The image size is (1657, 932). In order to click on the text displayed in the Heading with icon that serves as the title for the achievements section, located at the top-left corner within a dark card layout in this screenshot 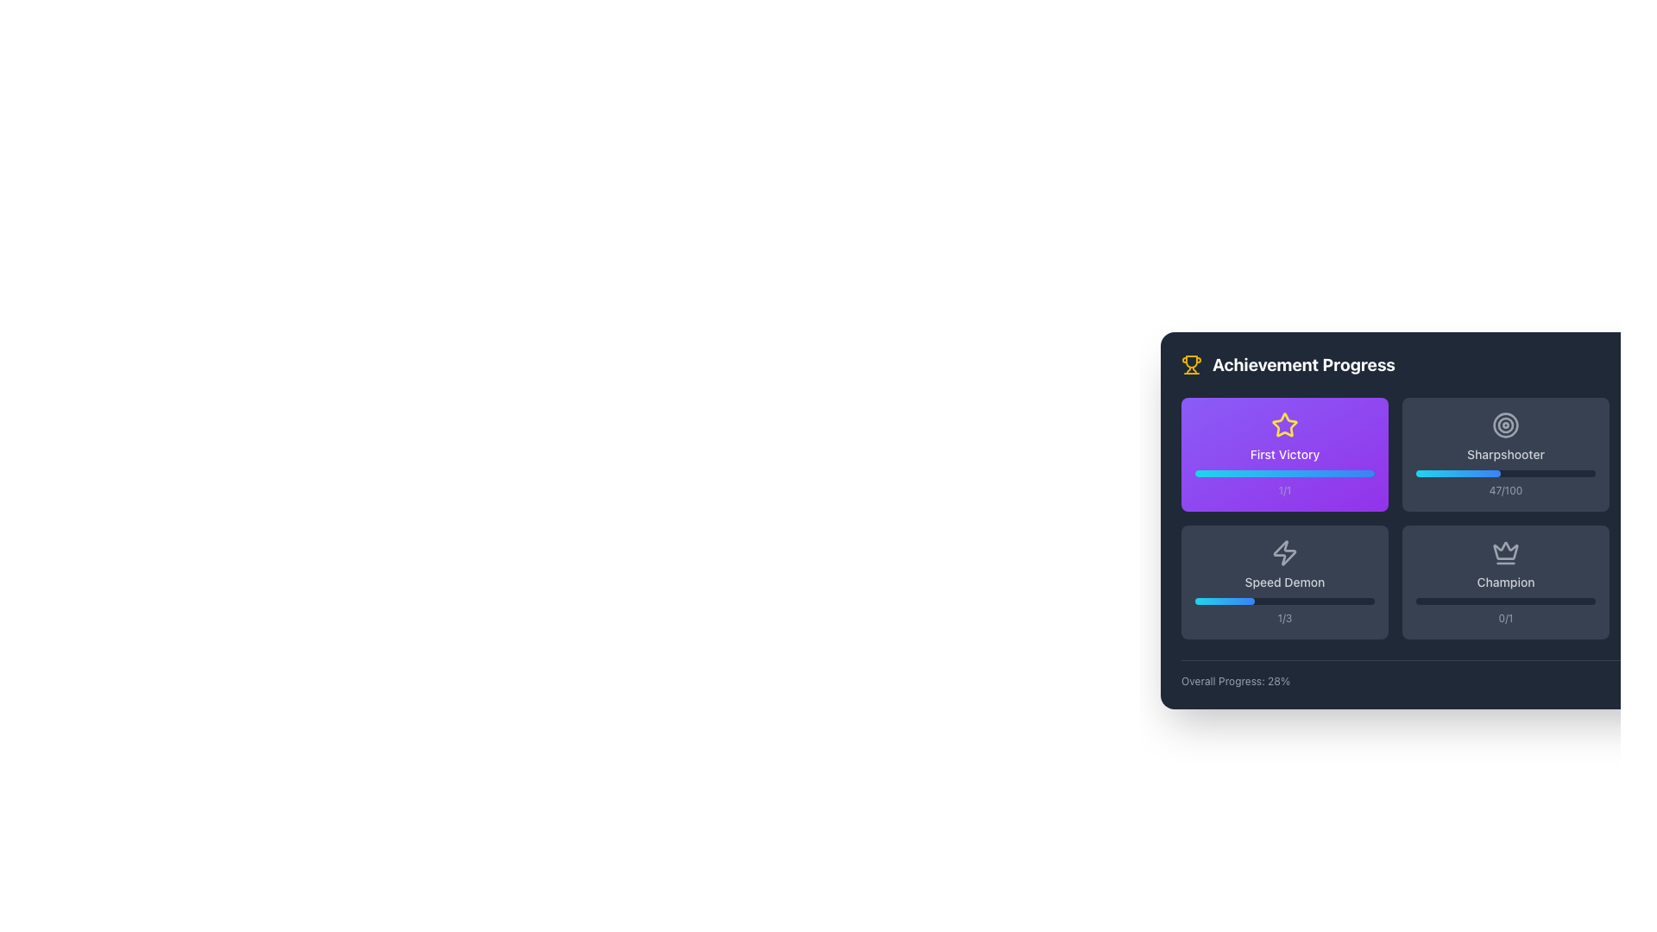, I will do `click(1288, 364)`.